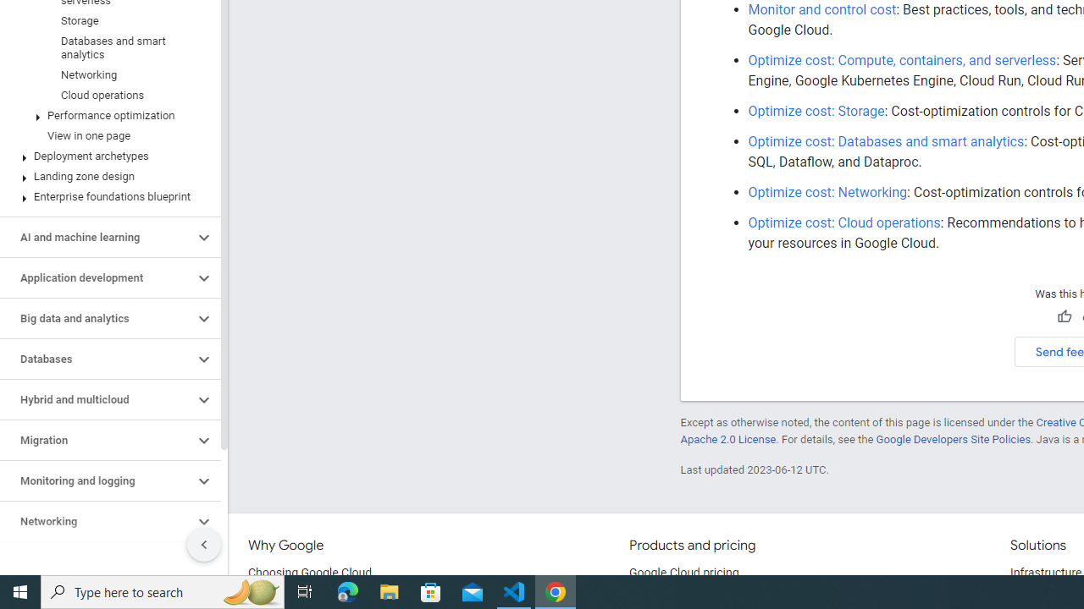 The width and height of the screenshot is (1084, 609). What do you see at coordinates (885, 140) in the screenshot?
I see `'Optimize cost: Databases and smart analytics'` at bounding box center [885, 140].